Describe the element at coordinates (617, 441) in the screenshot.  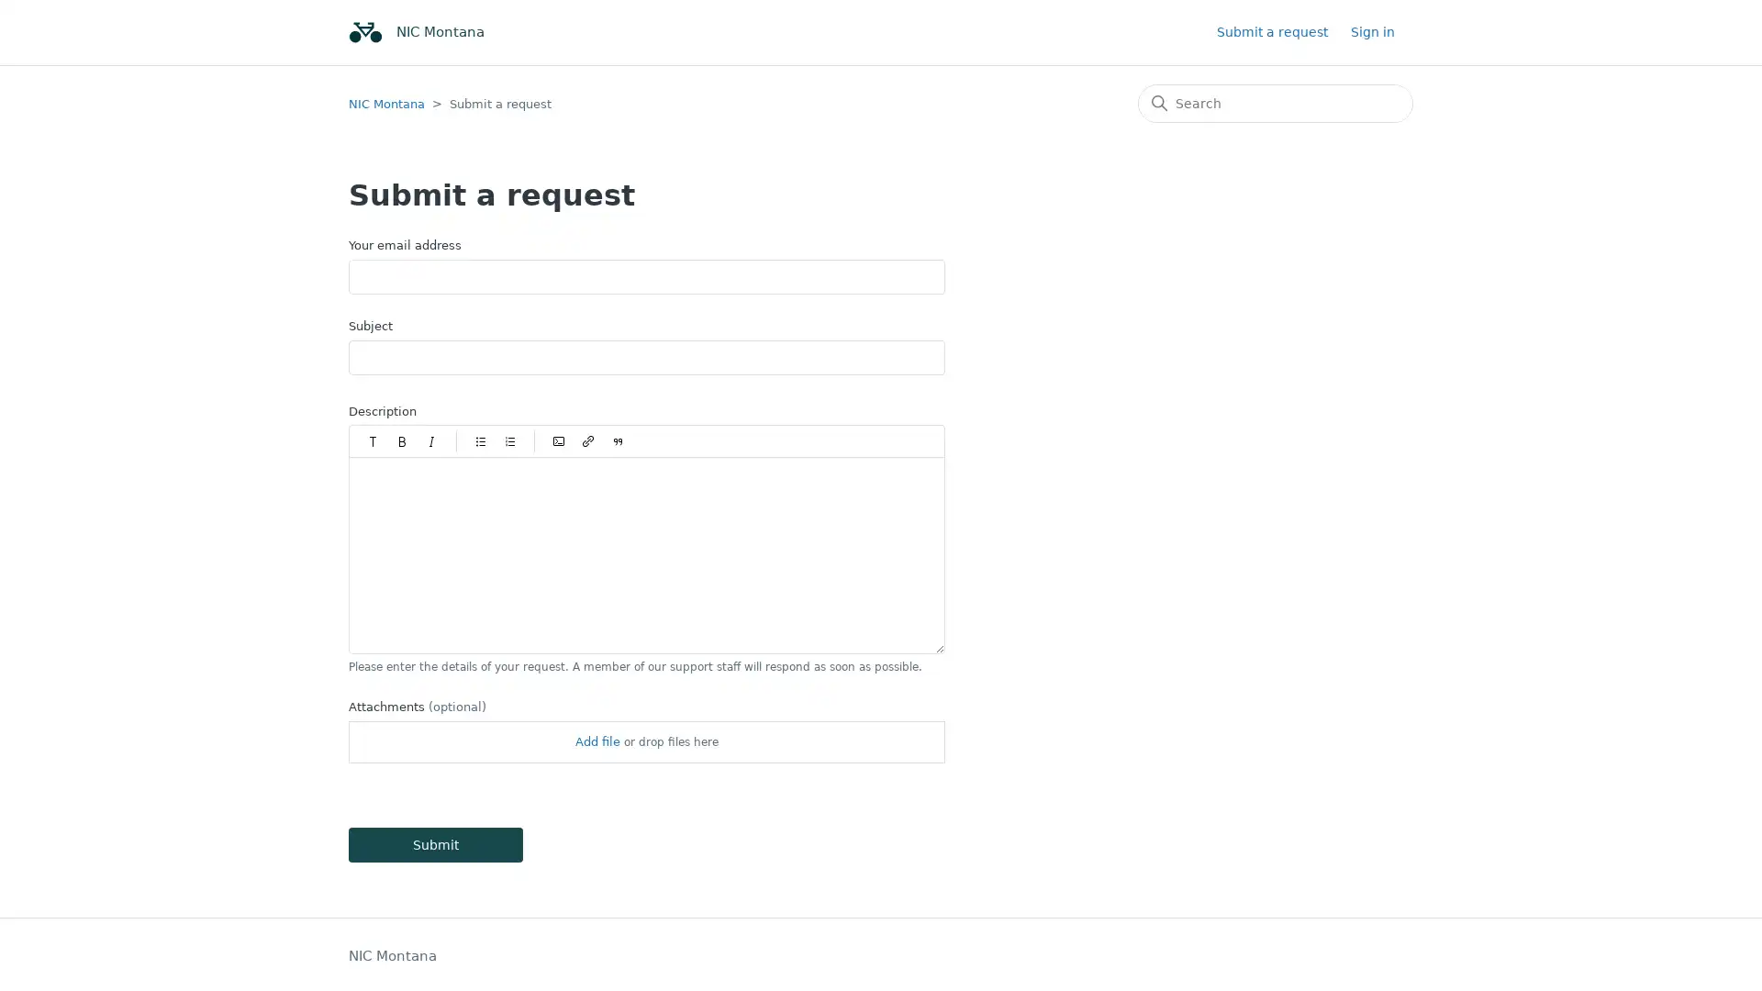
I see `Quote` at that location.